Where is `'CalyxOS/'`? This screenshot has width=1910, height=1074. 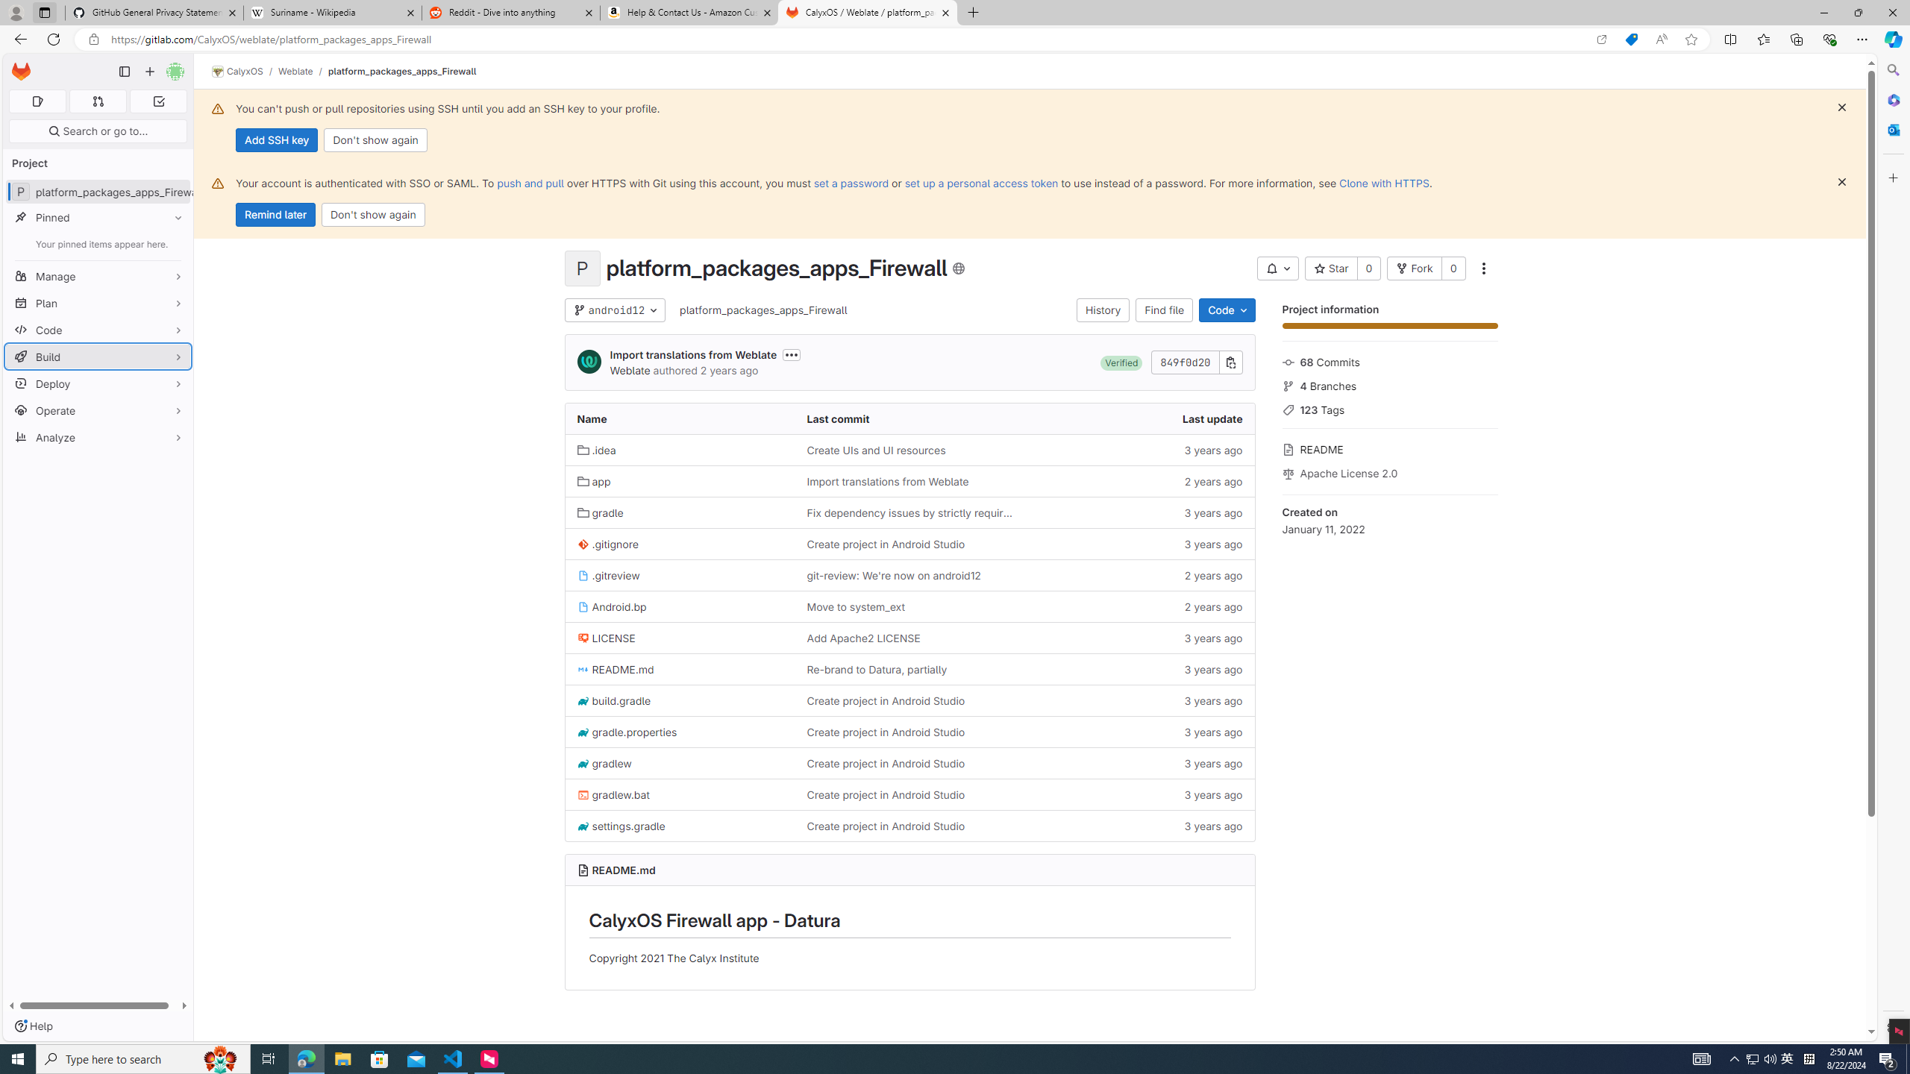 'CalyxOS/' is located at coordinates (244, 71).